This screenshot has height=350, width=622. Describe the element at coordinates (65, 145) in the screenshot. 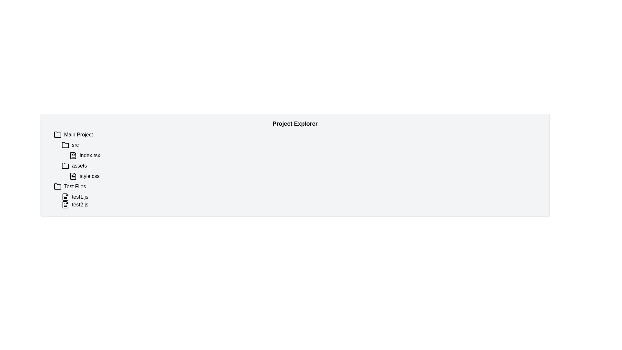

I see `the folder icon located to the left of the 'src' label in the file explorer` at that location.